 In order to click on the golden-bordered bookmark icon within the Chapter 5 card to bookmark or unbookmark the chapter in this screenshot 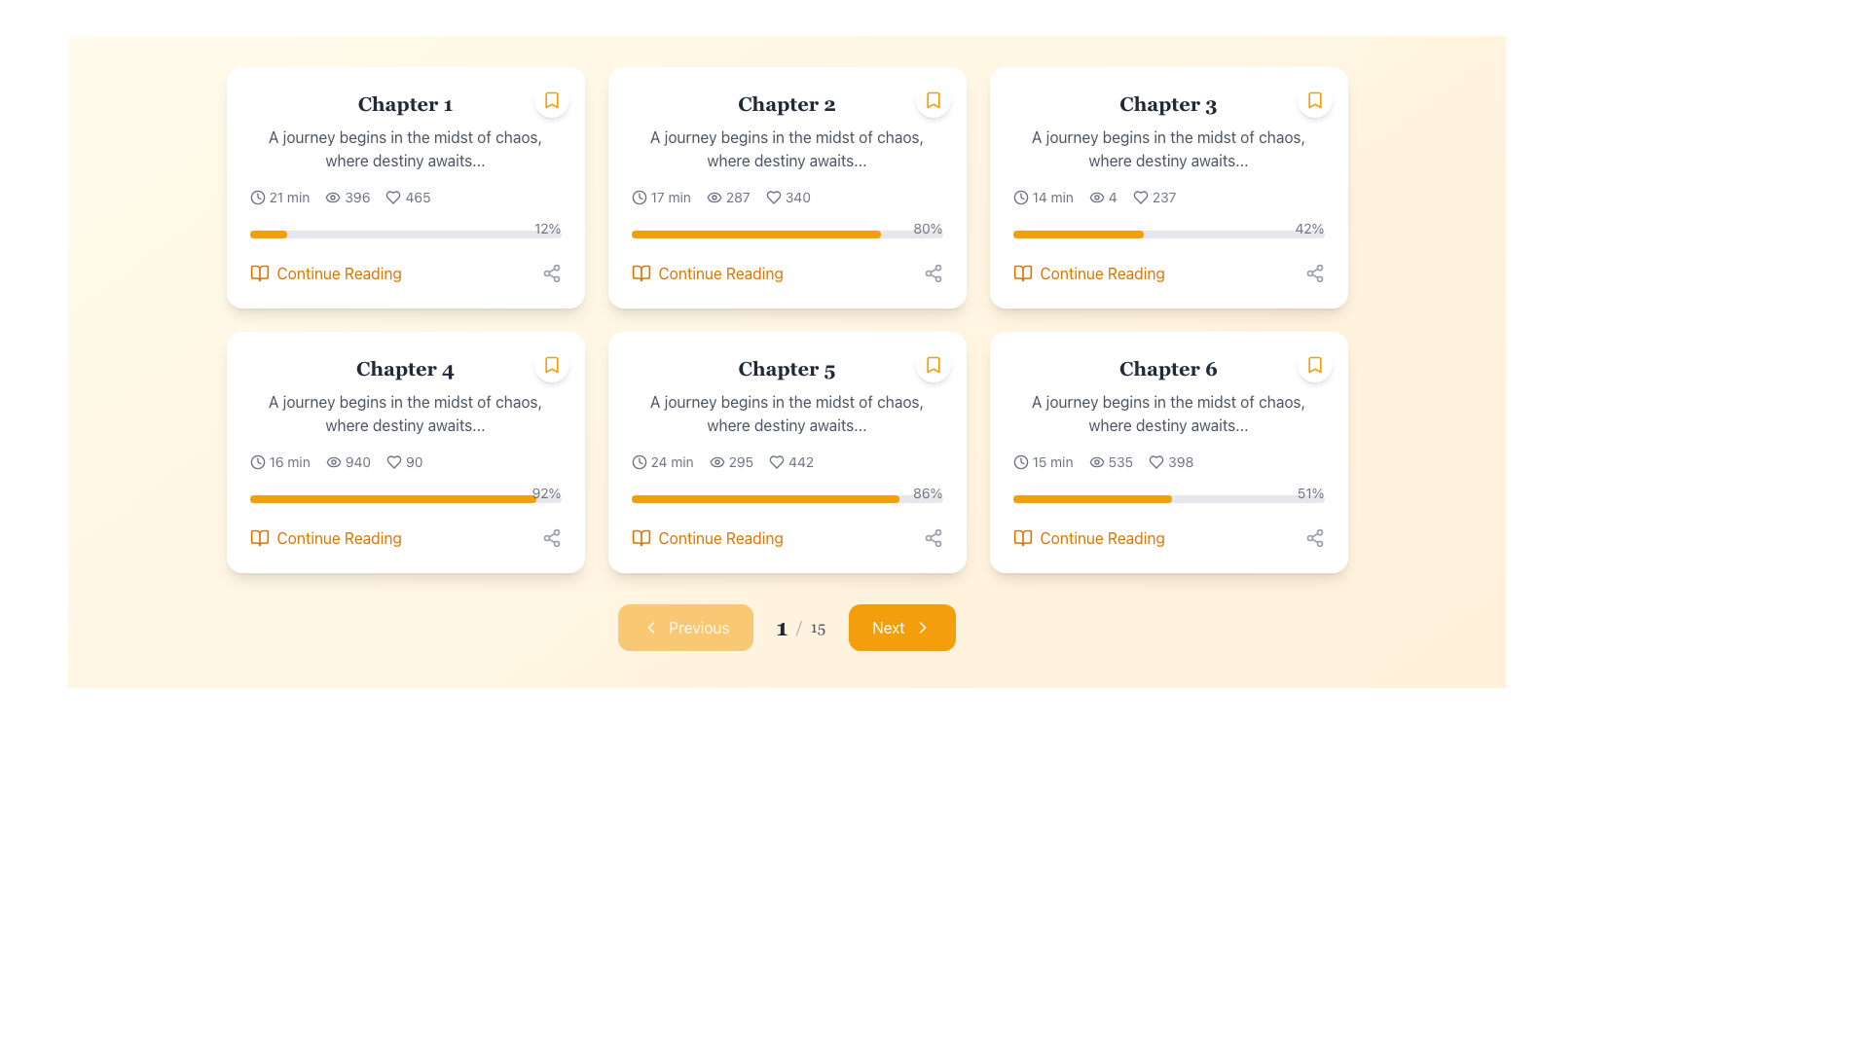, I will do `click(932, 364)`.